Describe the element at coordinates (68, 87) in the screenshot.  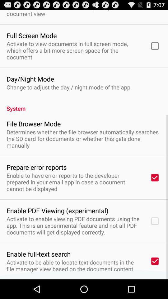
I see `change to adjust` at that location.